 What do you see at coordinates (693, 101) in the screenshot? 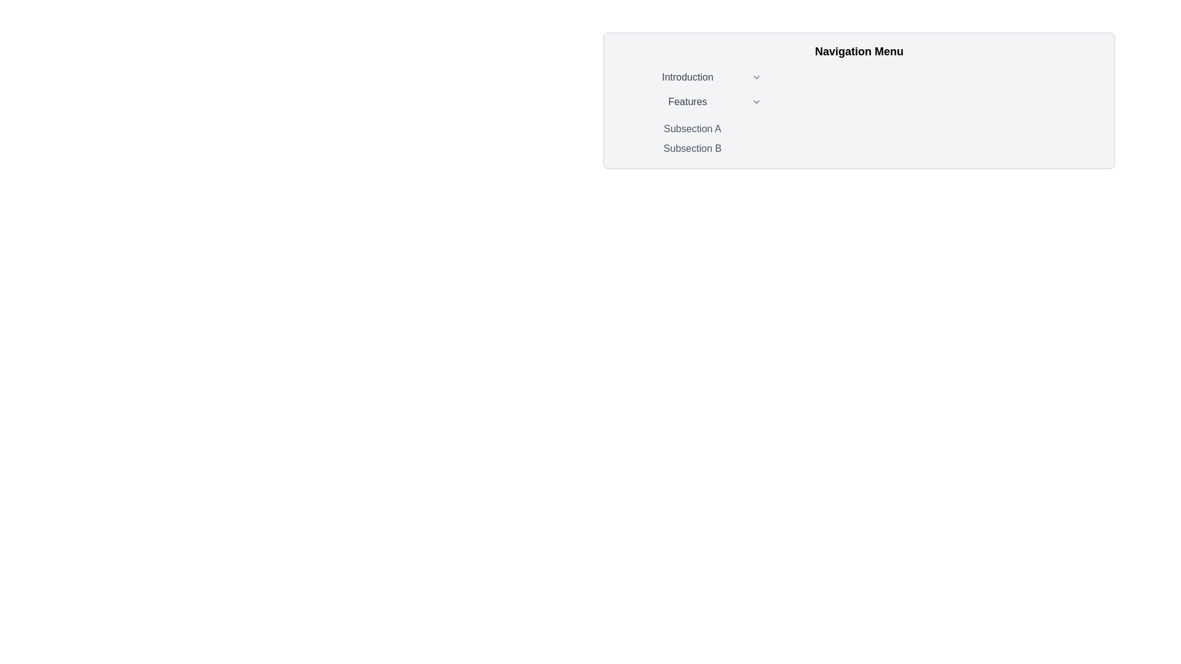
I see `the 'Features' dropdown menu item` at bounding box center [693, 101].